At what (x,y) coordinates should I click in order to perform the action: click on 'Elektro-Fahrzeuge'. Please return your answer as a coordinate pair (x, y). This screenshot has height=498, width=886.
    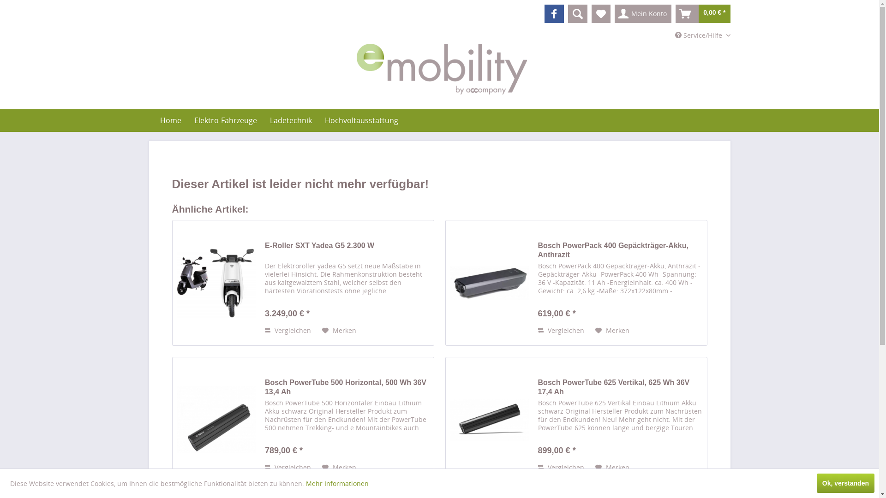
    Looking at the image, I should click on (225, 120).